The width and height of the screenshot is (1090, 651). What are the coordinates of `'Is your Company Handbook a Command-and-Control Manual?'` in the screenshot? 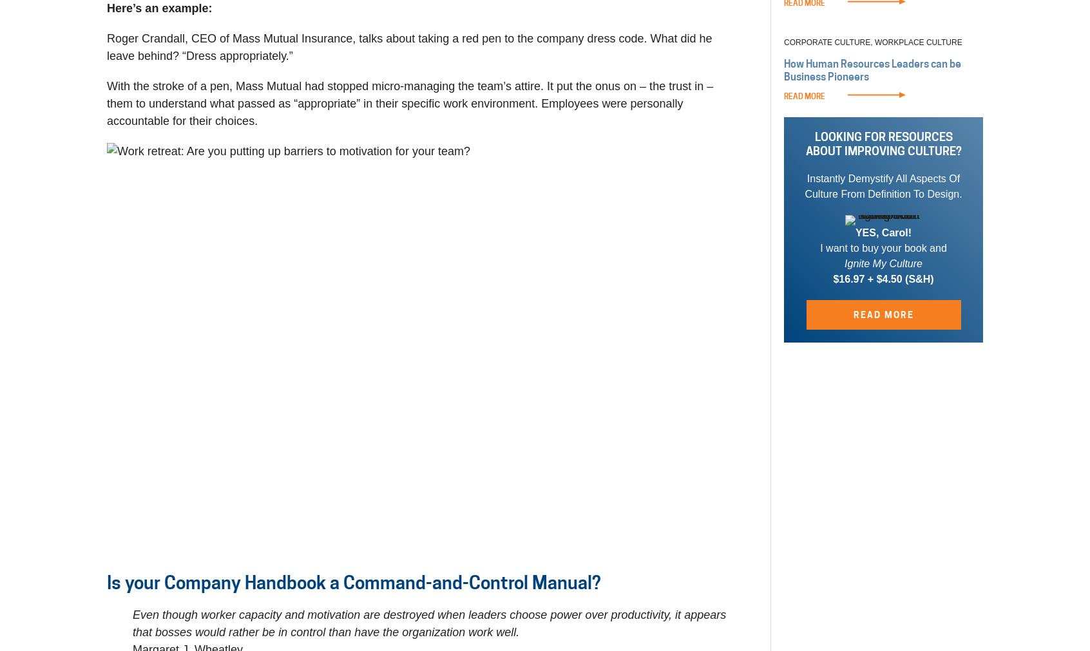 It's located at (354, 582).